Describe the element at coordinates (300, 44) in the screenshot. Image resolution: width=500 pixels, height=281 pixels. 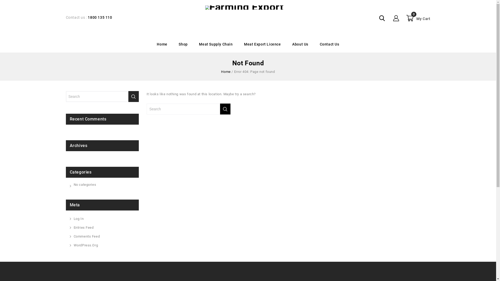
I see `'About Us'` at that location.